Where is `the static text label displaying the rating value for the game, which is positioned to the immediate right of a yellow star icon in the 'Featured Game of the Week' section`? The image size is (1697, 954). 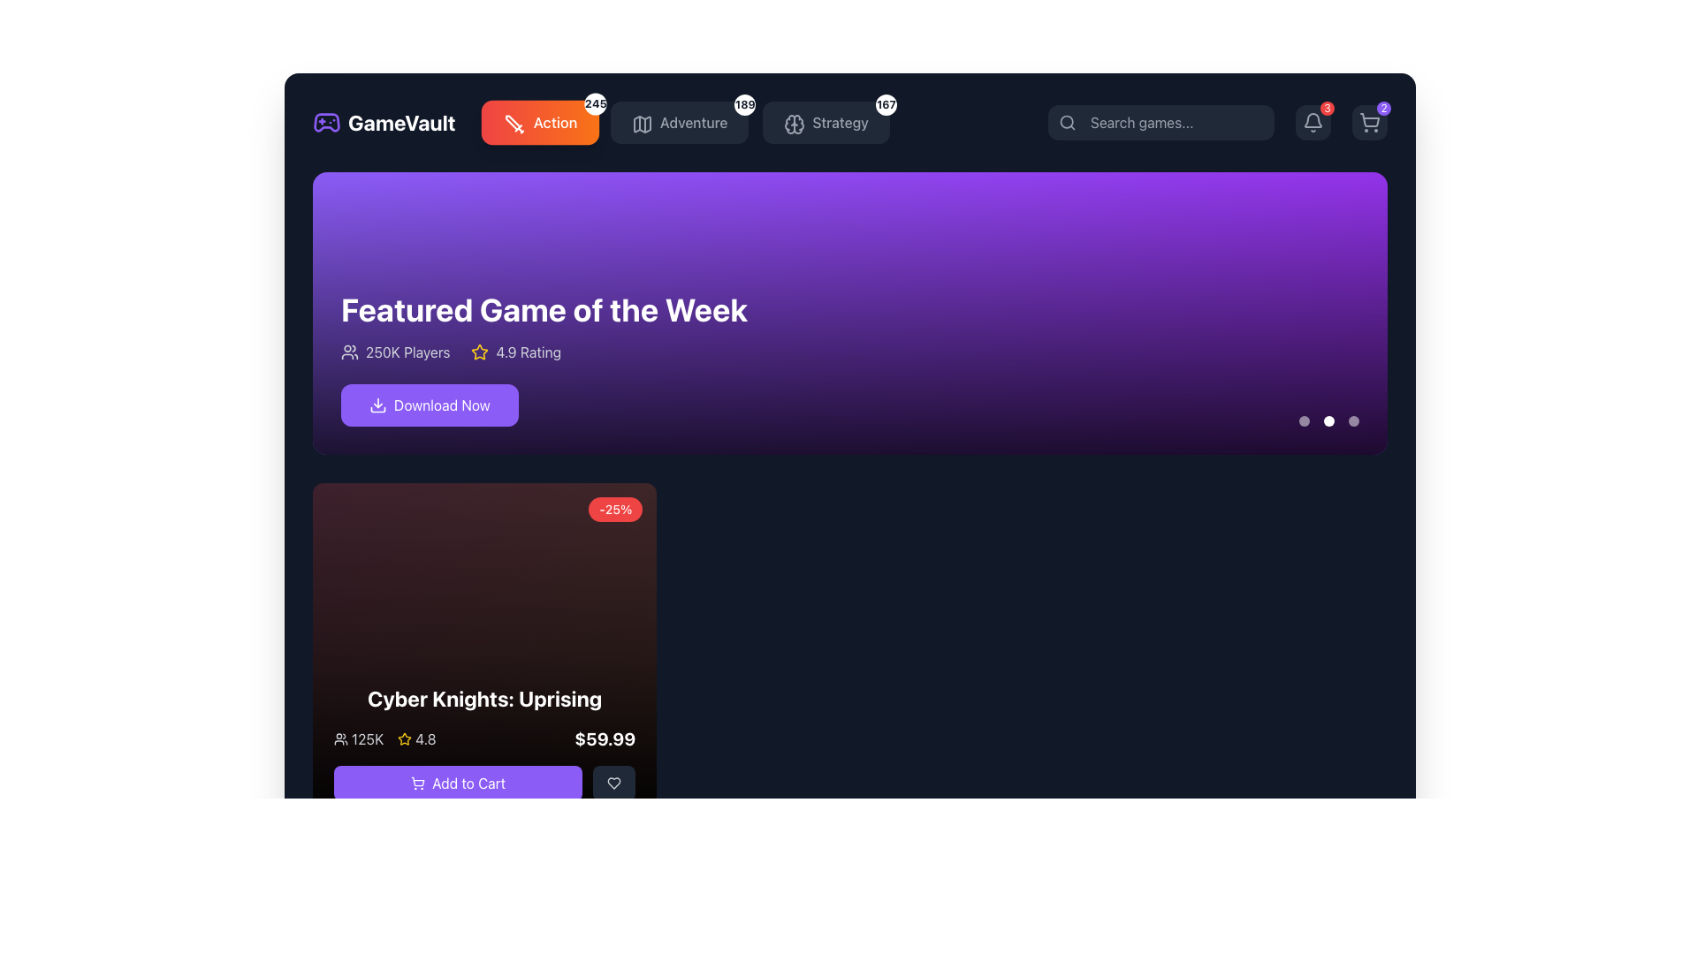
the static text label displaying the rating value for the game, which is positioned to the immediate right of a yellow star icon in the 'Featured Game of the Week' section is located at coordinates (528, 352).